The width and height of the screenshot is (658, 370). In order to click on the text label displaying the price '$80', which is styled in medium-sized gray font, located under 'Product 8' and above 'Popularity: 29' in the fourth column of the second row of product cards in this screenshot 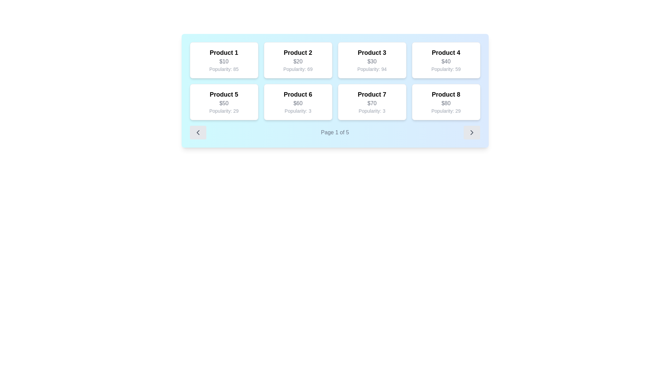, I will do `click(446, 103)`.